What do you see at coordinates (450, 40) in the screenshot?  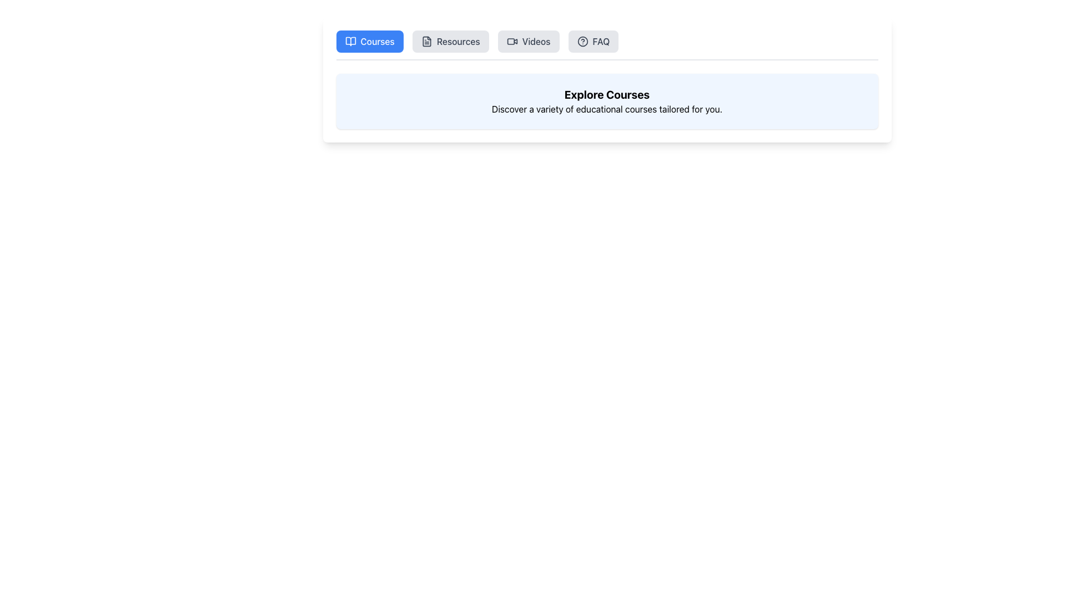 I see `the 'Resources' button, which is the second button in the navigation bar, to trigger a style change` at bounding box center [450, 40].